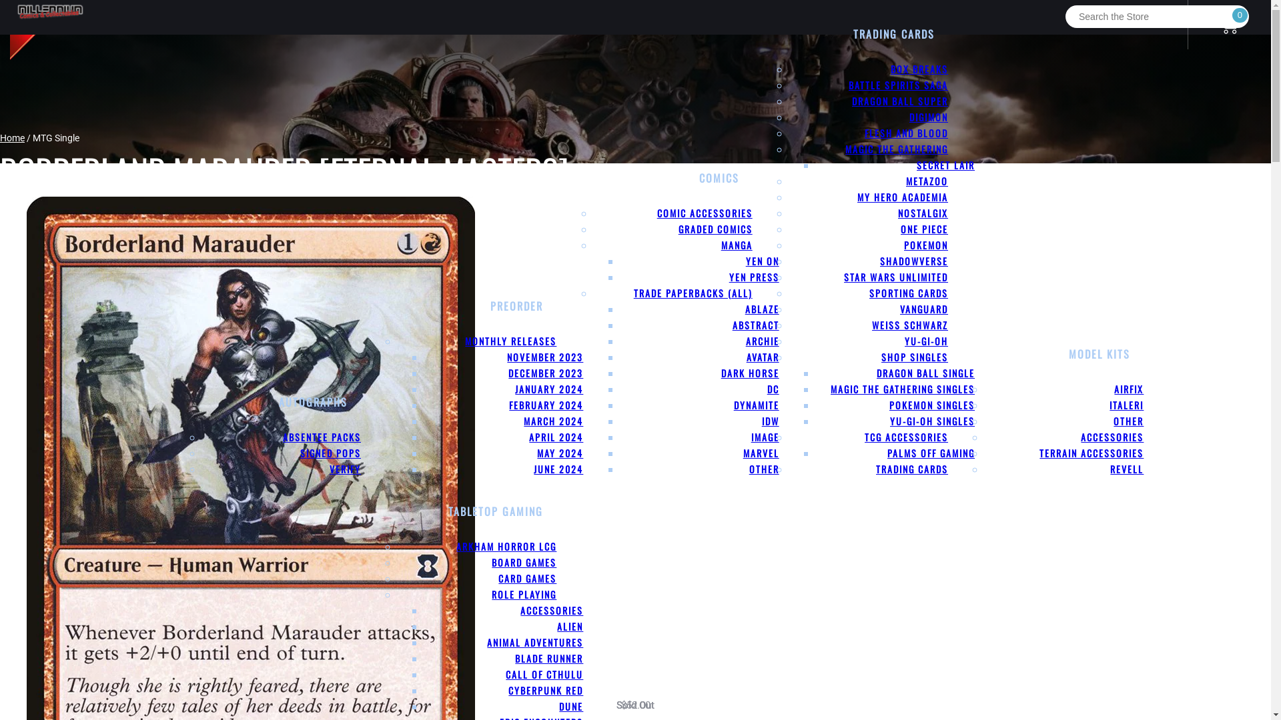 The height and width of the screenshot is (720, 1281). What do you see at coordinates (715, 228) in the screenshot?
I see `'GRADED COMICS'` at bounding box center [715, 228].